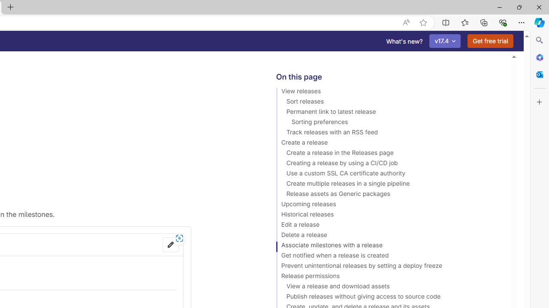  Describe the element at coordinates (389, 195) in the screenshot. I see `'Release assets as Generic packages'` at that location.